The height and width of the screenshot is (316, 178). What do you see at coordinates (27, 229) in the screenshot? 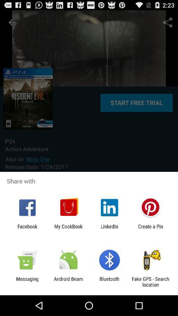
I see `the facebook icon` at bounding box center [27, 229].